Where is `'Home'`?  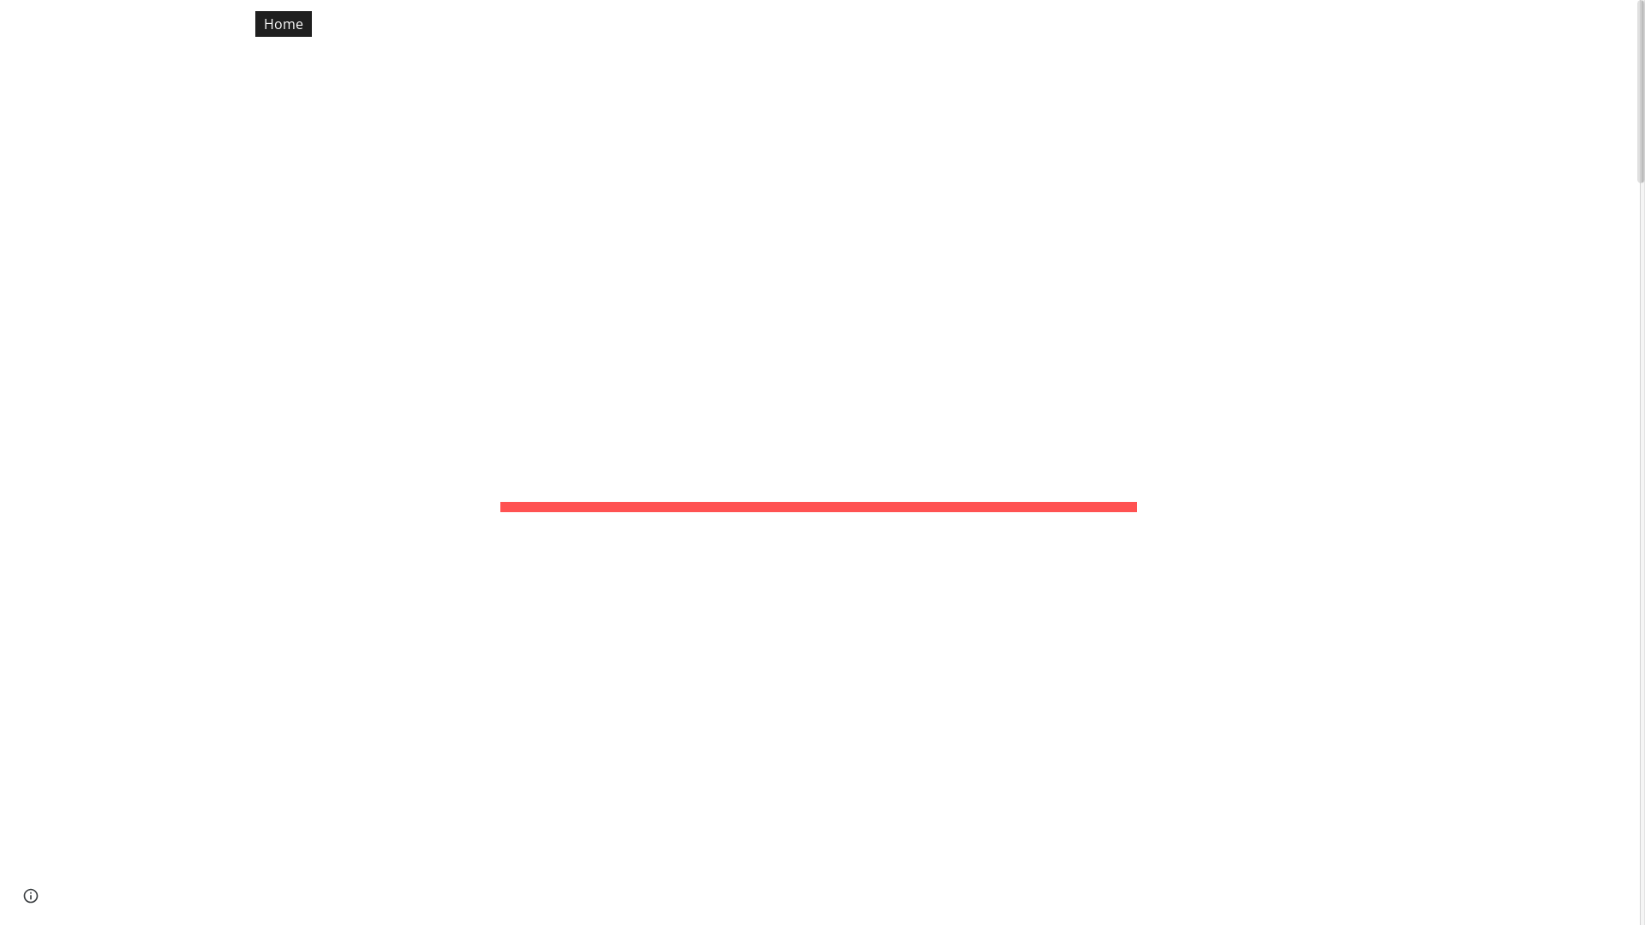 'Home' is located at coordinates (284, 23).